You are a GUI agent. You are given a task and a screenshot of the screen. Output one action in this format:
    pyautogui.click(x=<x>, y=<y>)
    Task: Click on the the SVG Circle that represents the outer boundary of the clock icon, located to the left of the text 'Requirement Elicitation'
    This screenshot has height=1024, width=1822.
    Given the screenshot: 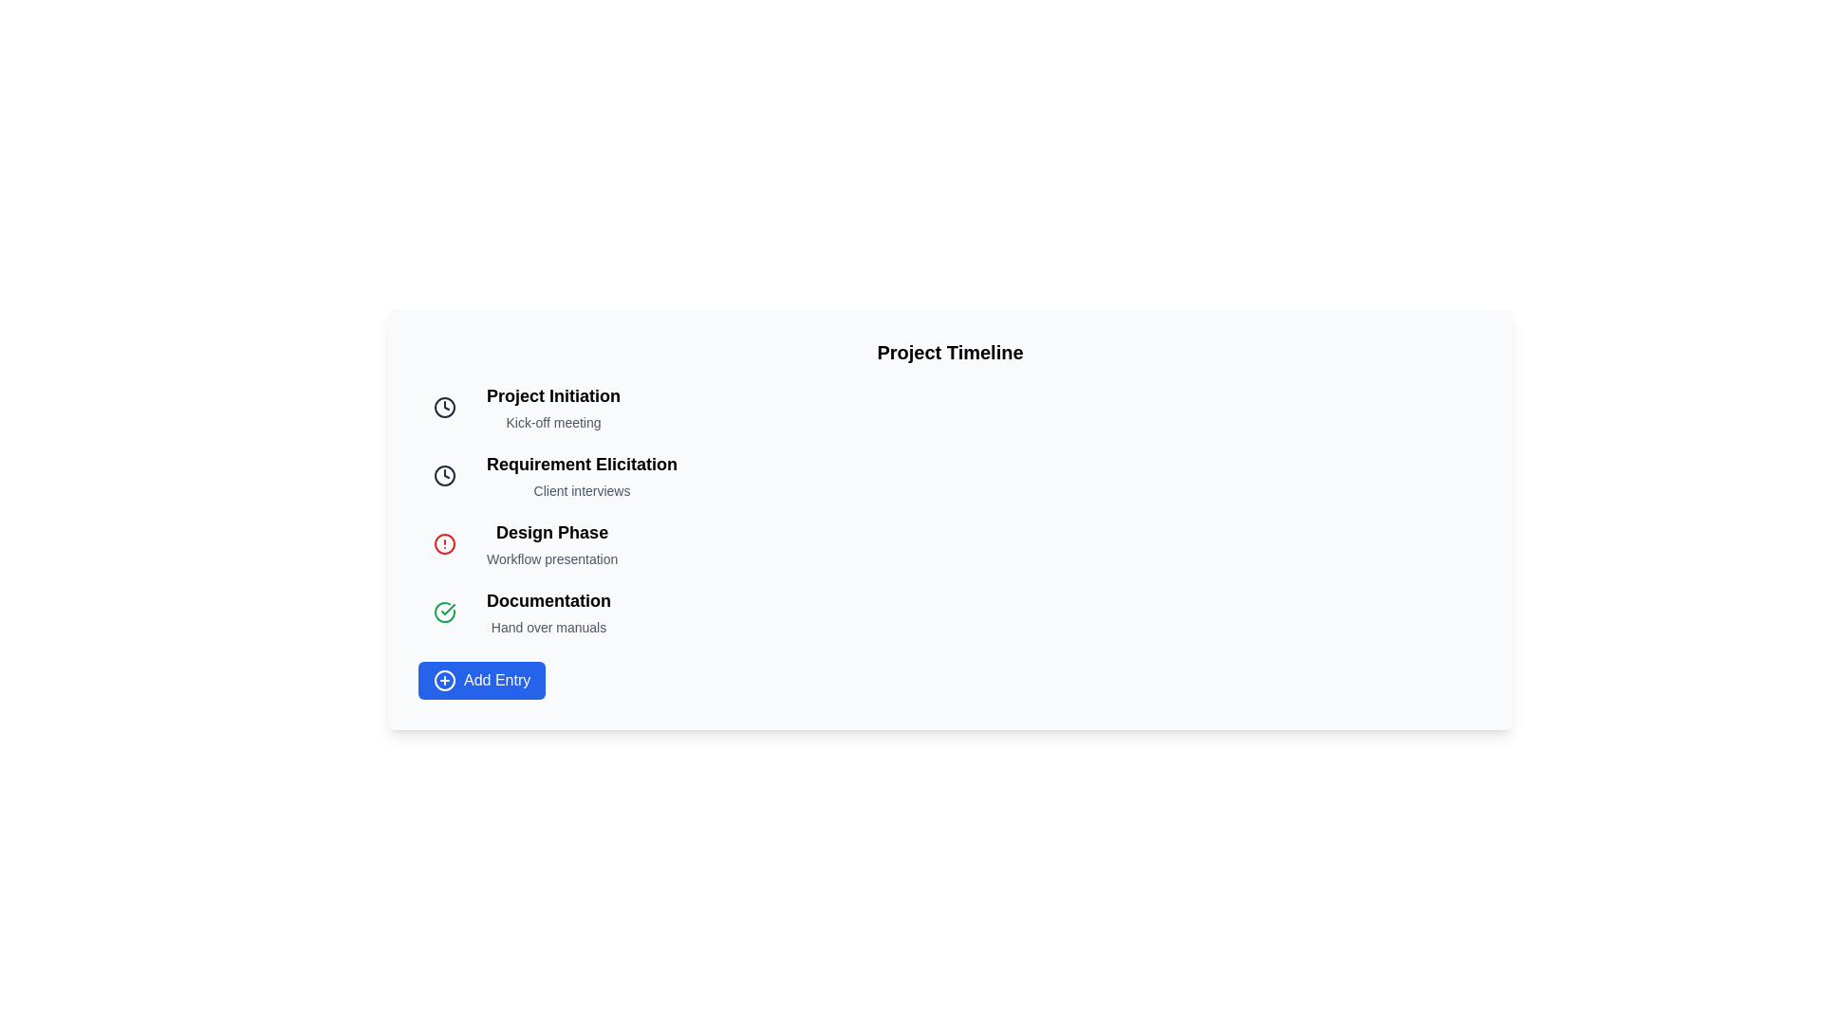 What is the action you would take?
    pyautogui.click(x=444, y=474)
    